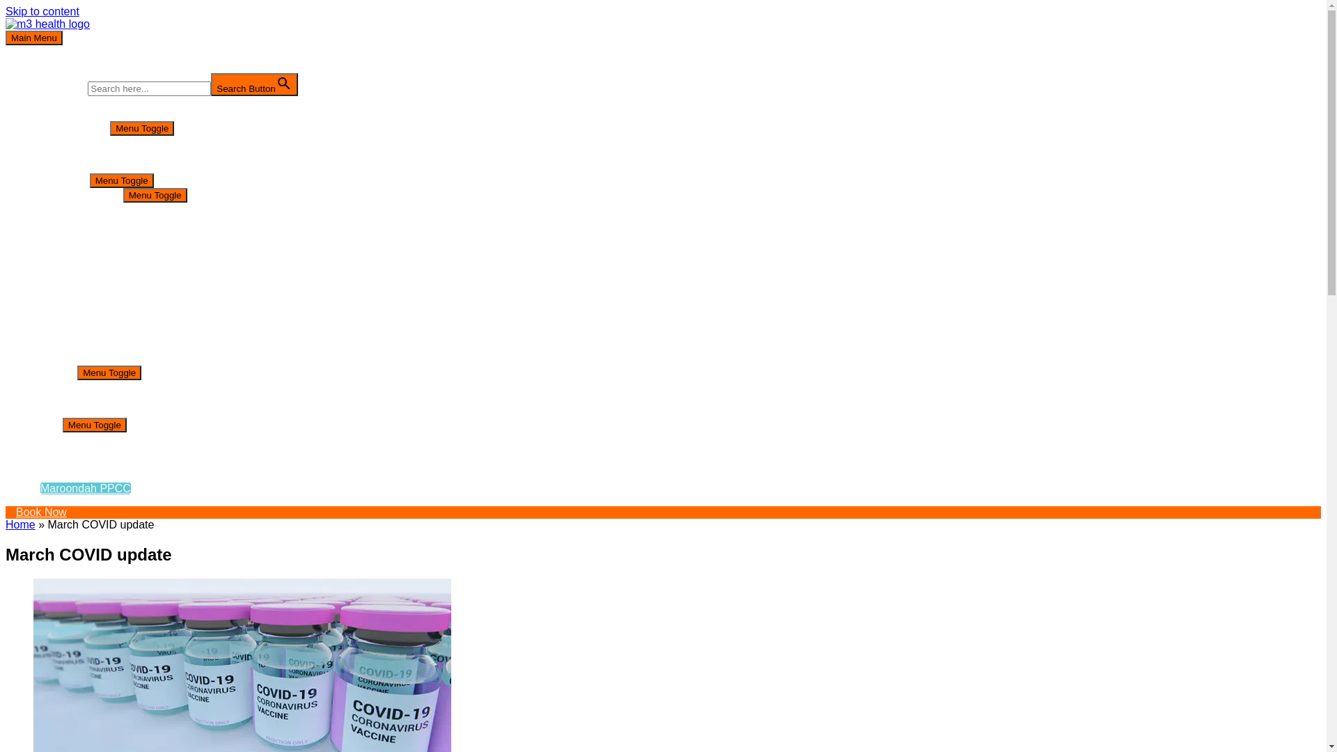 Image resolution: width=1337 pixels, height=752 pixels. Describe the element at coordinates (123, 295) in the screenshot. I see `'Iron Infusions'` at that location.